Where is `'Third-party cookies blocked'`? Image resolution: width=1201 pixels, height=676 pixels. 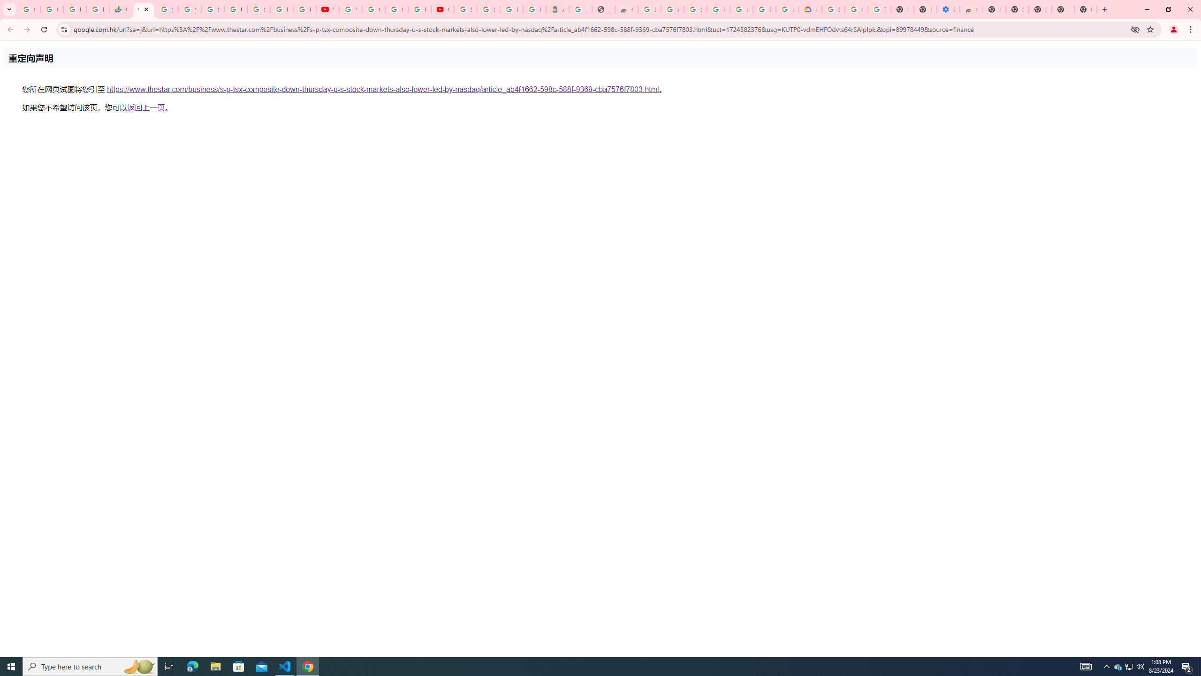
'Third-party cookies blocked' is located at coordinates (1135, 29).